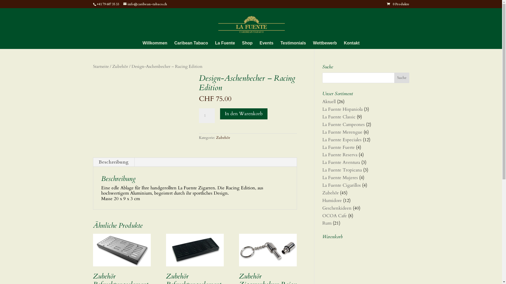 The image size is (506, 284). I want to click on 'Aktuell', so click(328, 102).